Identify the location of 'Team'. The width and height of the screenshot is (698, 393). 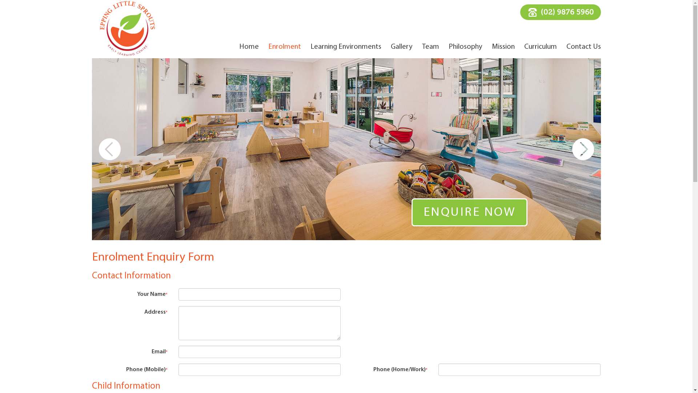
(430, 47).